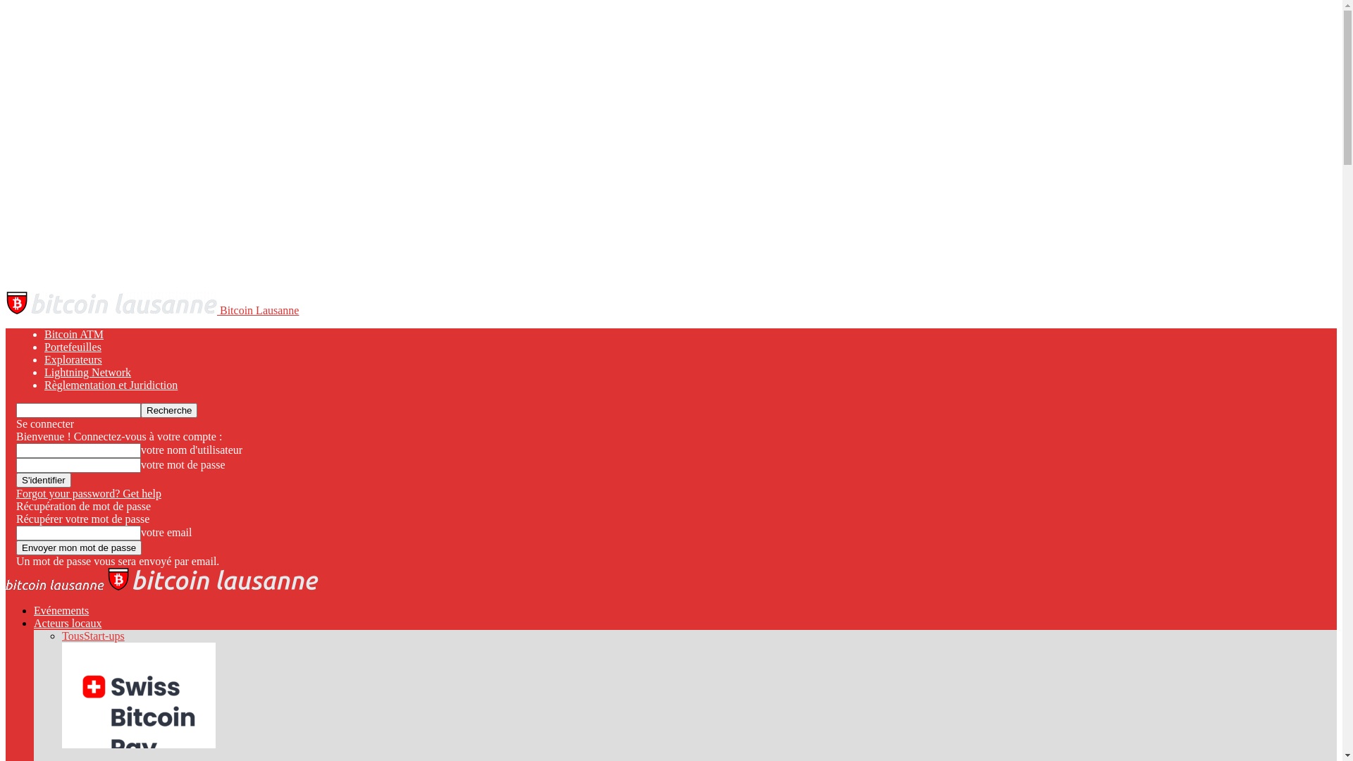 The image size is (1353, 761). I want to click on 'Acteurs locaux', so click(67, 622).